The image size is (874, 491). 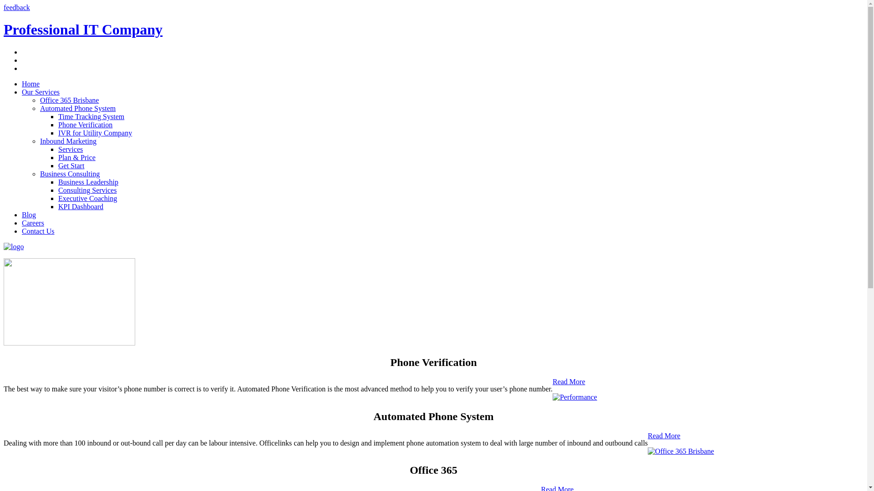 I want to click on 'Office 365 Brisbane', so click(x=39, y=100).